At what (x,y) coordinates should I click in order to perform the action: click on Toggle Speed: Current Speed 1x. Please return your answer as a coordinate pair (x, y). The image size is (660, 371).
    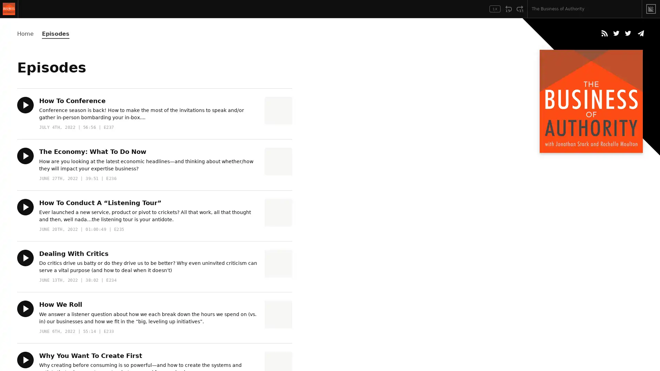
    Looking at the image, I should click on (495, 9).